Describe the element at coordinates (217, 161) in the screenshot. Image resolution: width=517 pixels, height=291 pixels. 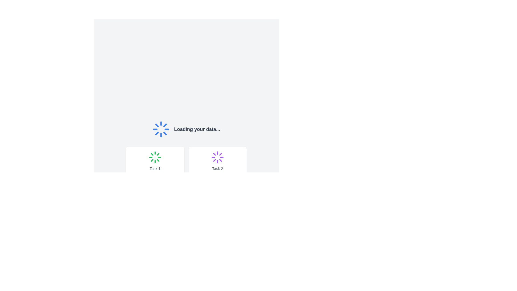
I see `the spinner animation on the Card element labeled 'Task 2', which features a white background, rounded corners, and a purple spinner icon at the top` at that location.